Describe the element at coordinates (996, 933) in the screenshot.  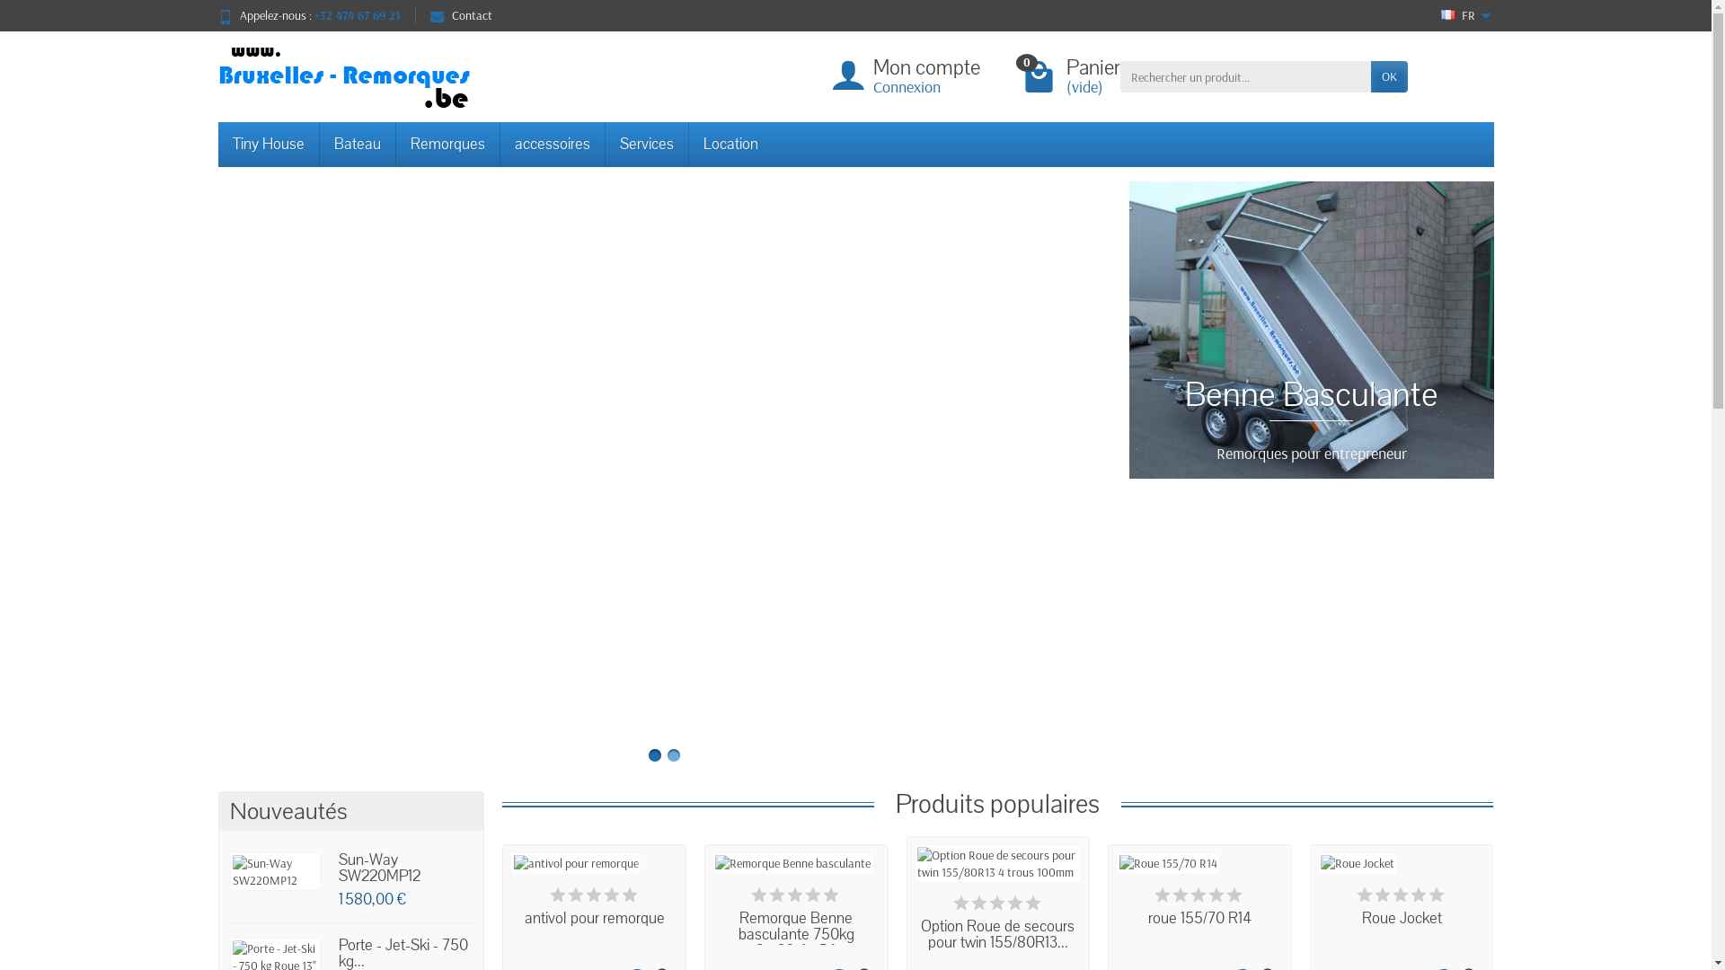
I see `'Option Roue de secours pour twin 155/80R13...'` at that location.